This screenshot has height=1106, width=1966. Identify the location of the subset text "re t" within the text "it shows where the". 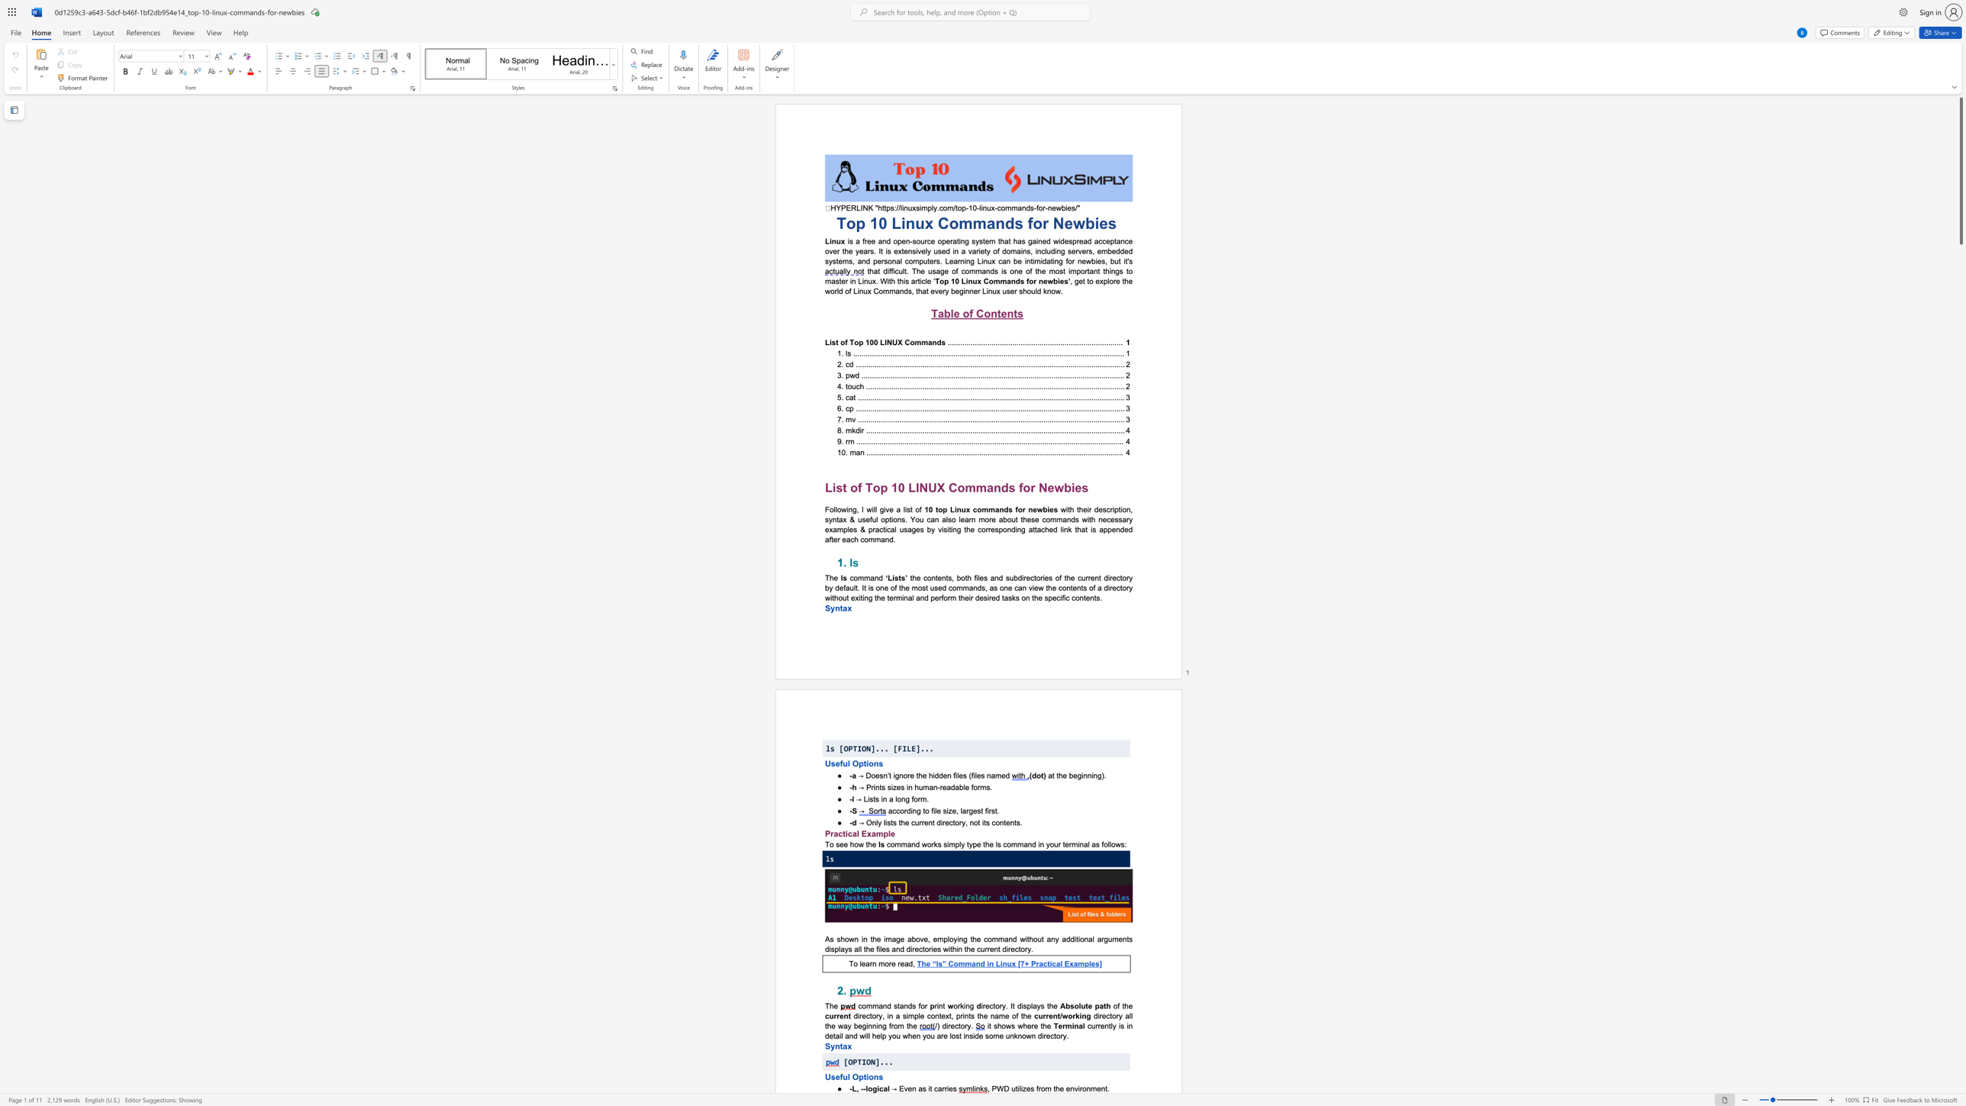
(1030, 1025).